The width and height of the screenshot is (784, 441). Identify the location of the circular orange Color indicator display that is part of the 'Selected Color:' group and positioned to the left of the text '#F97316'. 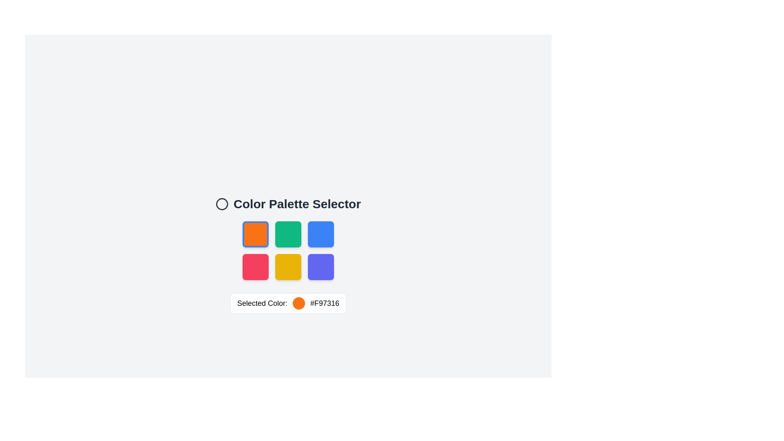
(298, 303).